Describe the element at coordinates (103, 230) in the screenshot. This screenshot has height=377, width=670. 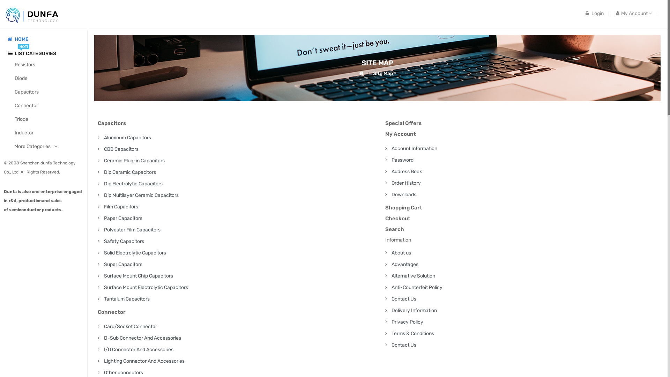
I see `'Polyester Film Capacitors'` at that location.